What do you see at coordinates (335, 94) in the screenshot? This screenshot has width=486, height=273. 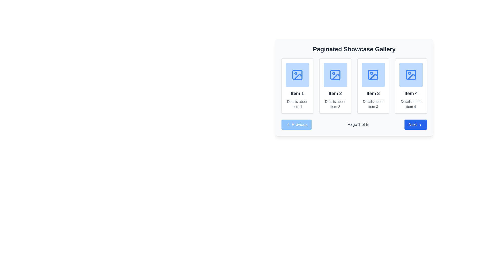 I see `text label displaying 'Item 2' that is located in the second card of a group of four cards, positioned directly below an image icon` at bounding box center [335, 94].